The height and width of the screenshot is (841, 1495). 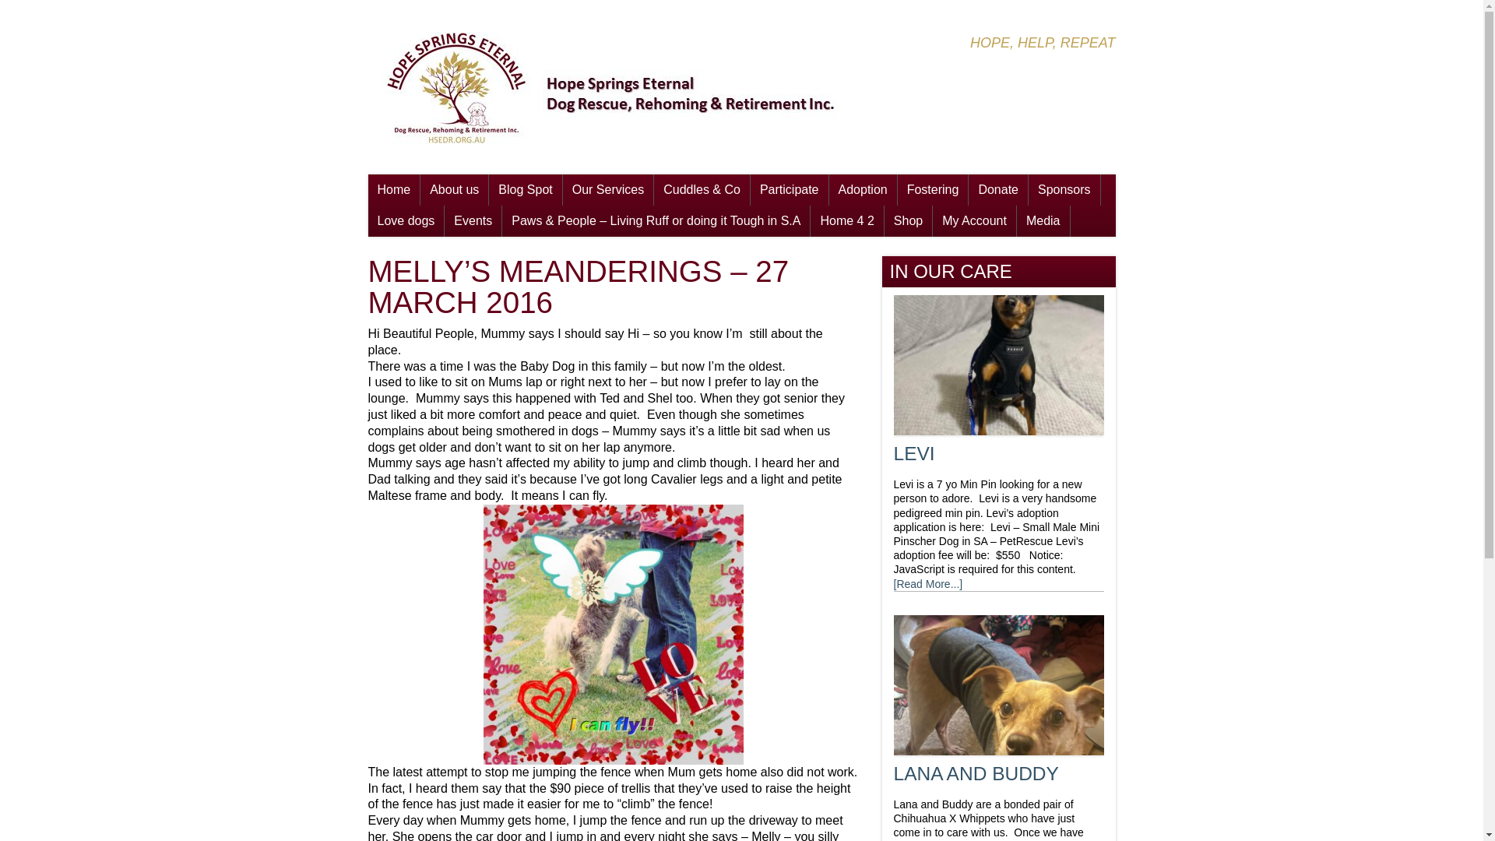 What do you see at coordinates (393, 188) in the screenshot?
I see `'Home'` at bounding box center [393, 188].